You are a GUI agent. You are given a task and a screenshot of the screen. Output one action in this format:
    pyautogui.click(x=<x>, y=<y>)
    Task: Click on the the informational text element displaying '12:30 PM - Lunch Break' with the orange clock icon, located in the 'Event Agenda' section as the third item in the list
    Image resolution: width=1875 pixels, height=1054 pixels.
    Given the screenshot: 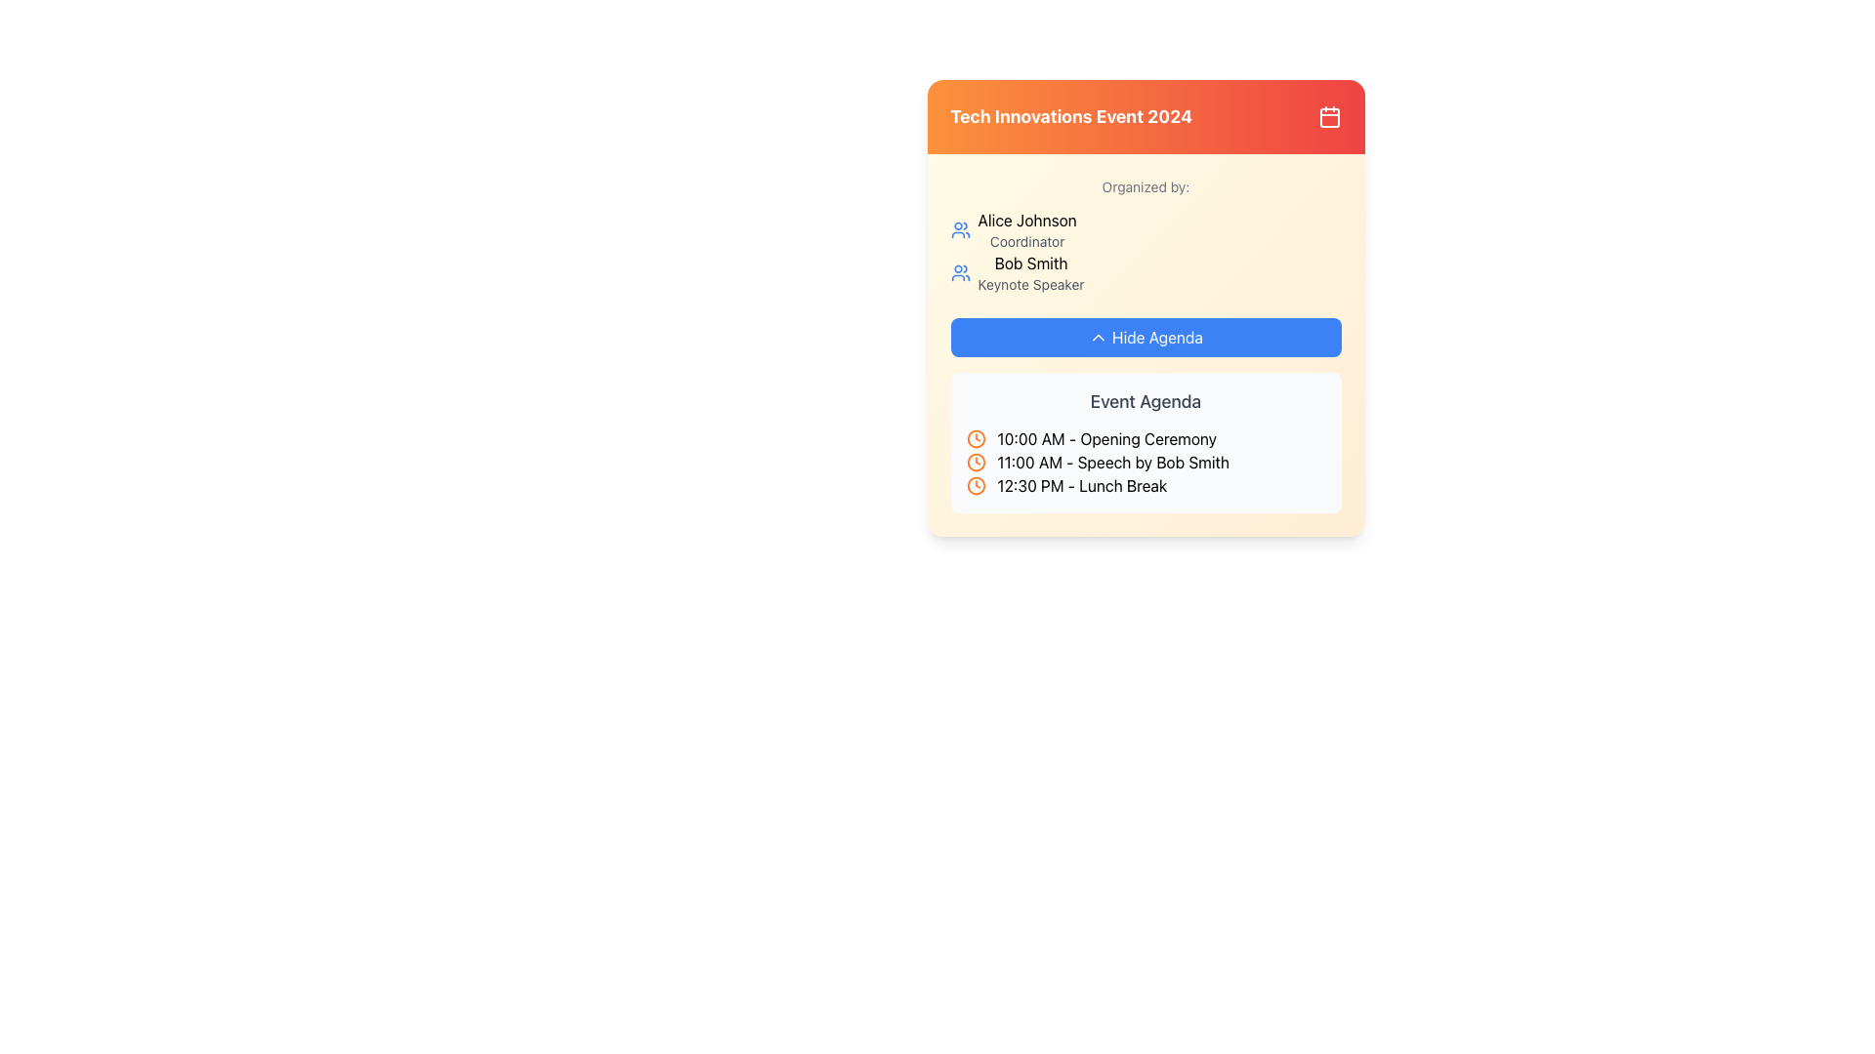 What is the action you would take?
    pyautogui.click(x=1146, y=484)
    